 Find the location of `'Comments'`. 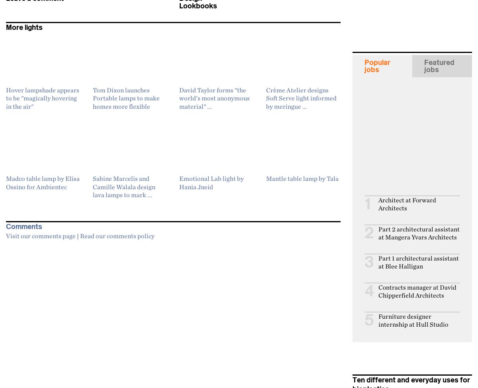

'Comments' is located at coordinates (24, 226).